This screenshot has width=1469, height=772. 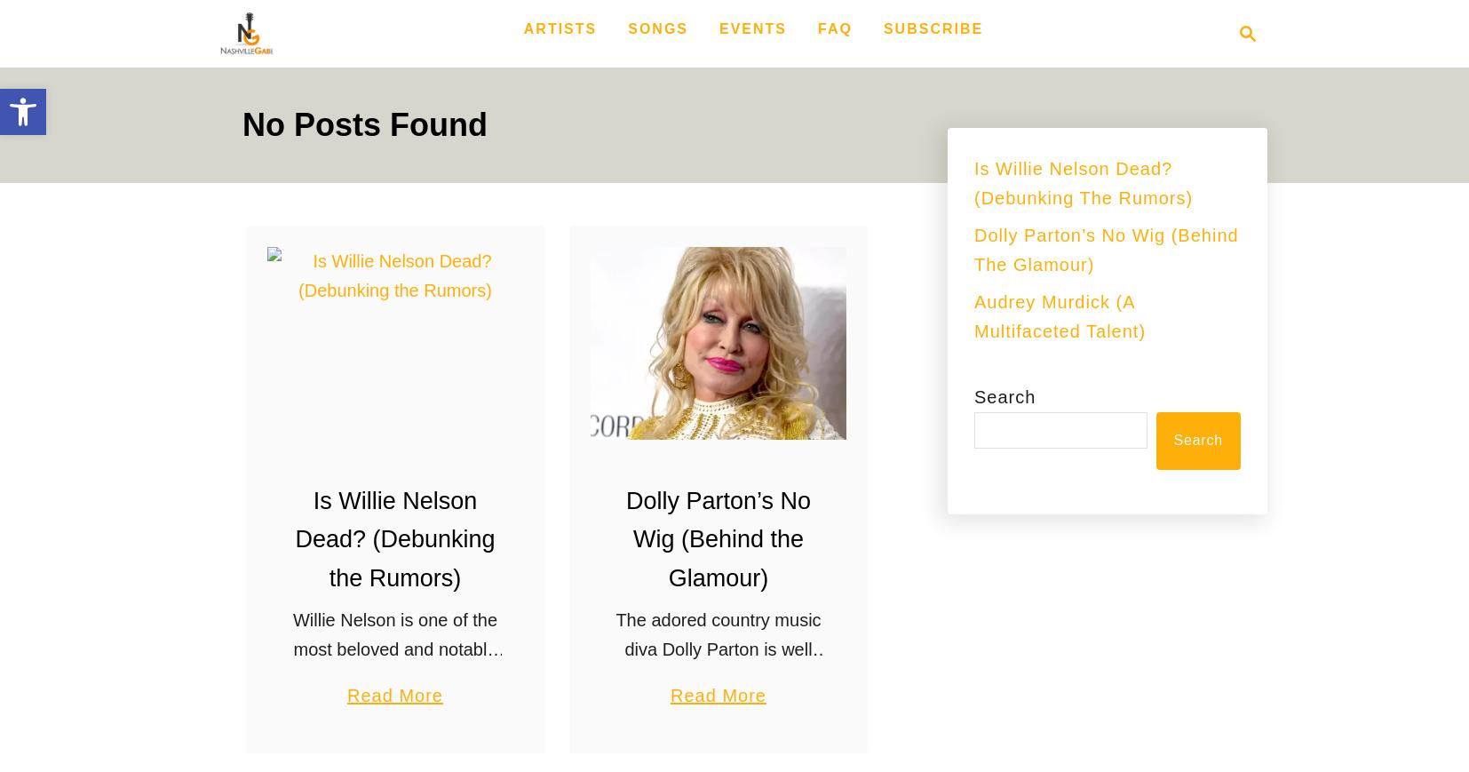 What do you see at coordinates (657, 27) in the screenshot?
I see `'Songs'` at bounding box center [657, 27].